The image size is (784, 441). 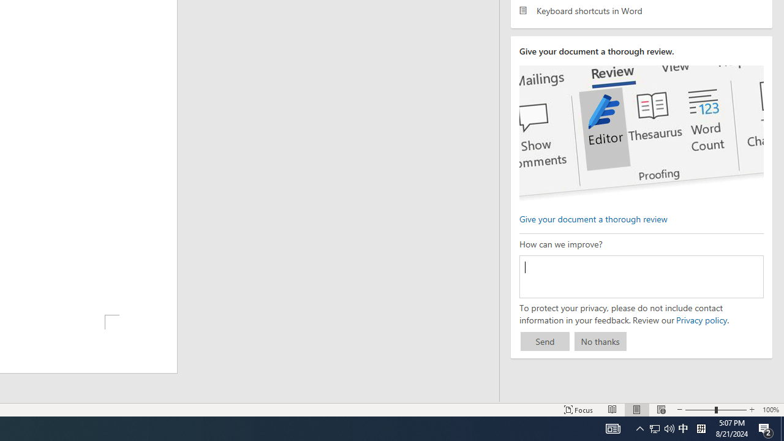 I want to click on 'Print Layout', so click(x=637, y=410).